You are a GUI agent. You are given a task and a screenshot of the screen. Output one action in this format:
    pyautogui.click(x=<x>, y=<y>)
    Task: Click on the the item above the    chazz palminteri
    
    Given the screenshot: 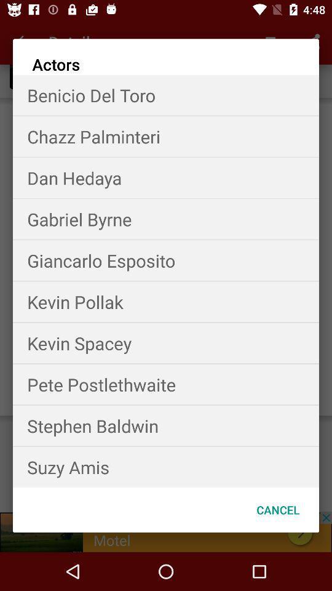 What is the action you would take?
    pyautogui.click(x=166, y=94)
    